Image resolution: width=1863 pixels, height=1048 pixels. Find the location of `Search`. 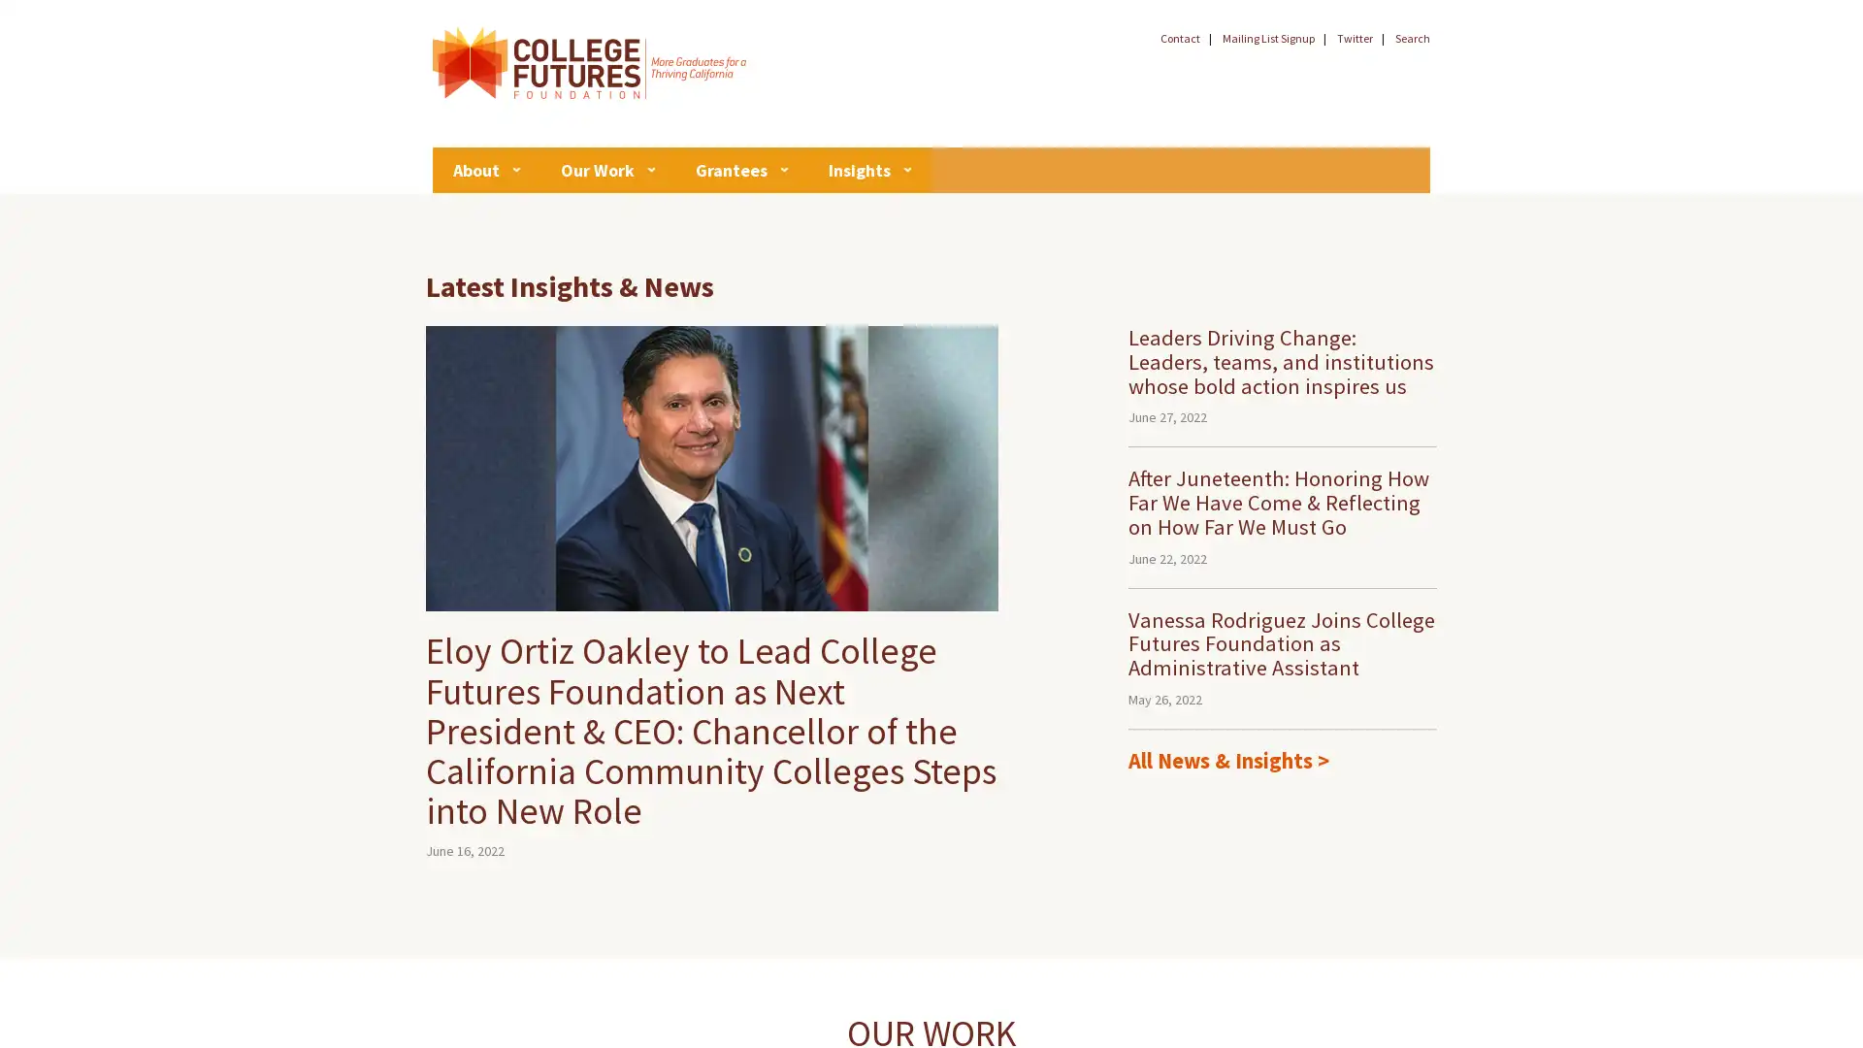

Search is located at coordinates (1438, 51).